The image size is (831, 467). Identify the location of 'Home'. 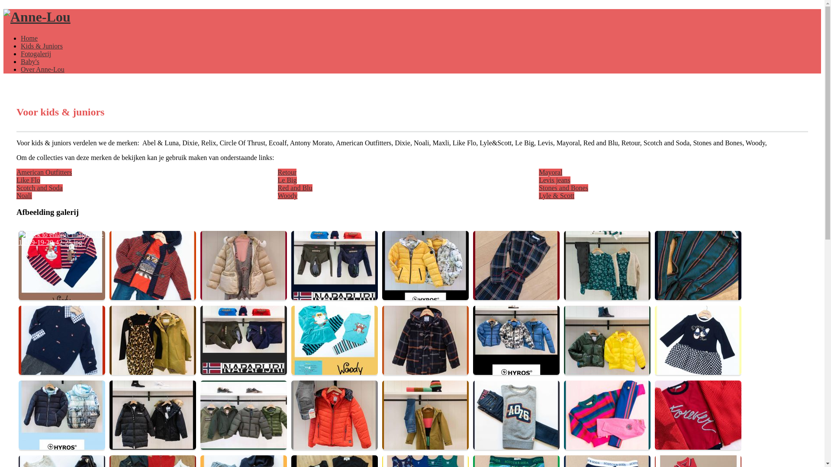
(29, 38).